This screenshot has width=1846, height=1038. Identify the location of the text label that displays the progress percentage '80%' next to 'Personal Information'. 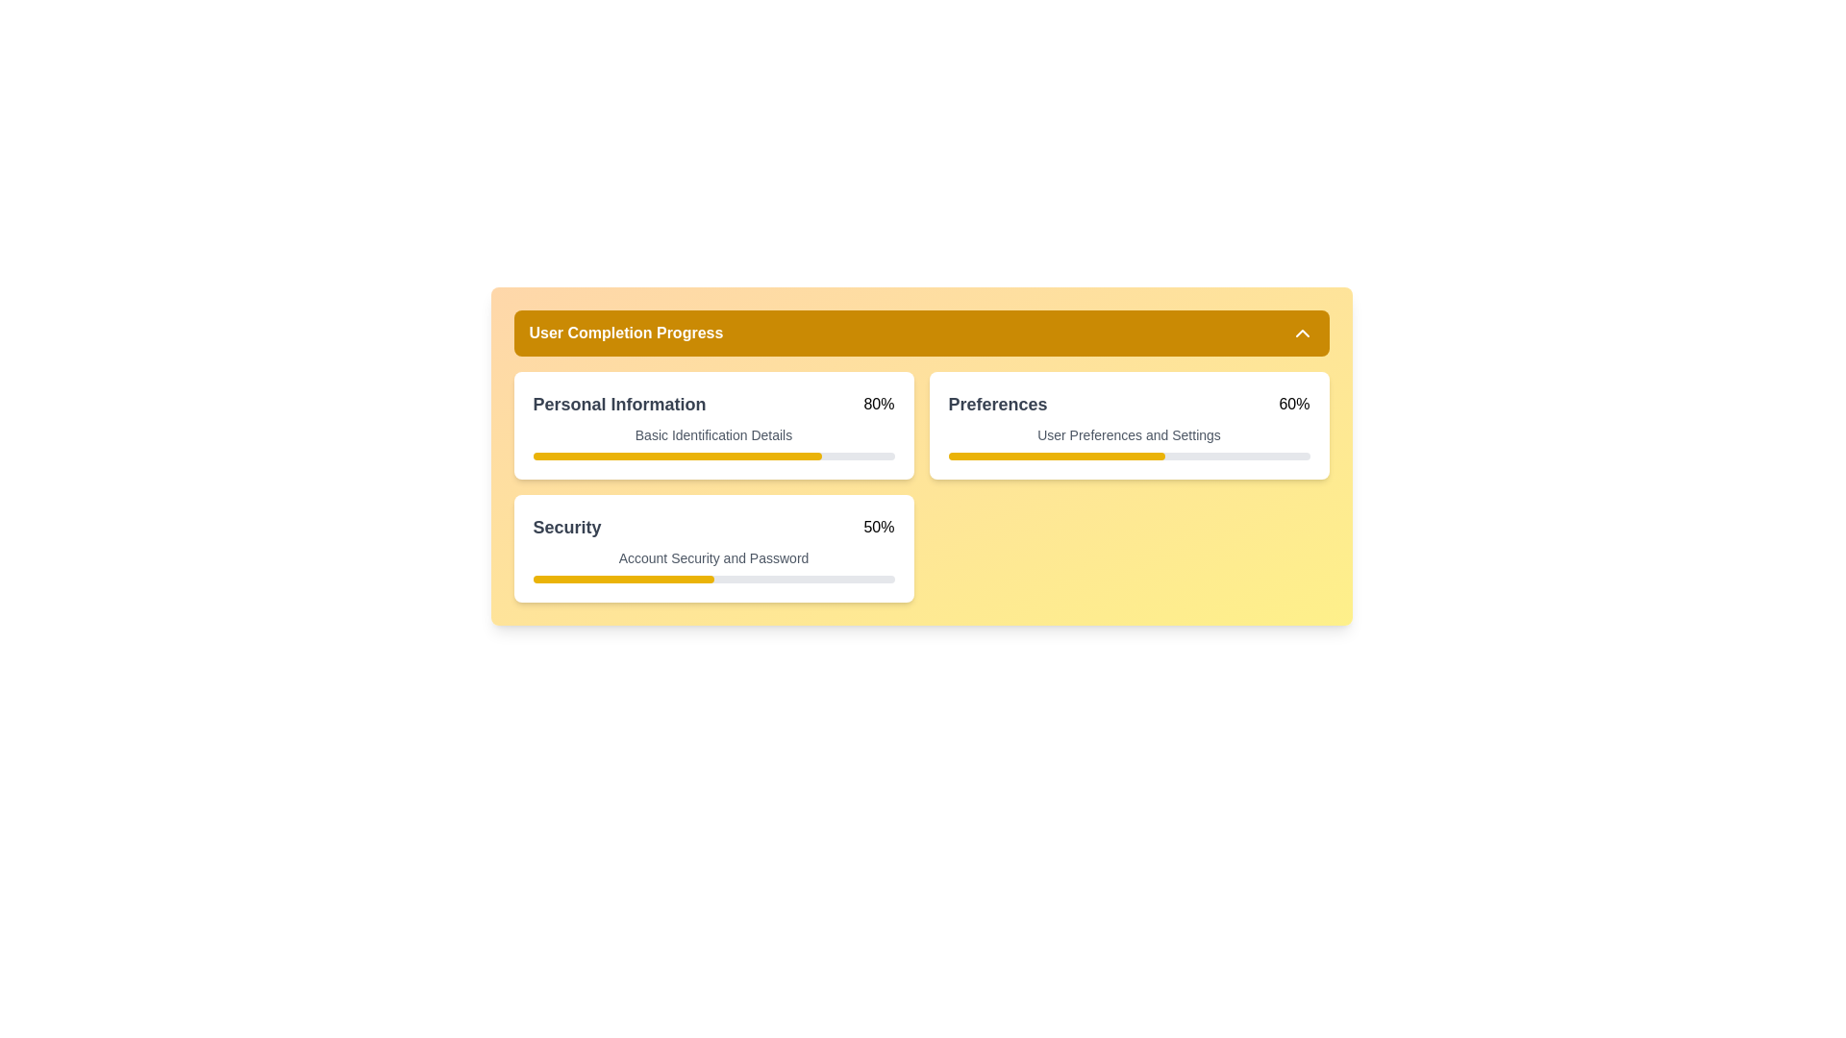
(878, 403).